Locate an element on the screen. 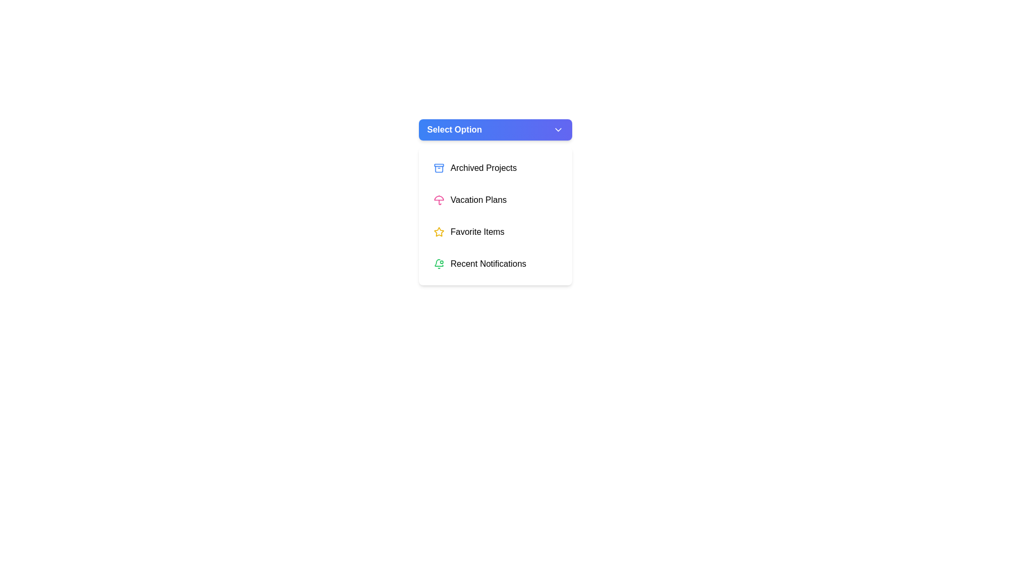 This screenshot has width=1022, height=575. the menu item Favorite Items from the dropdown is located at coordinates (494, 231).